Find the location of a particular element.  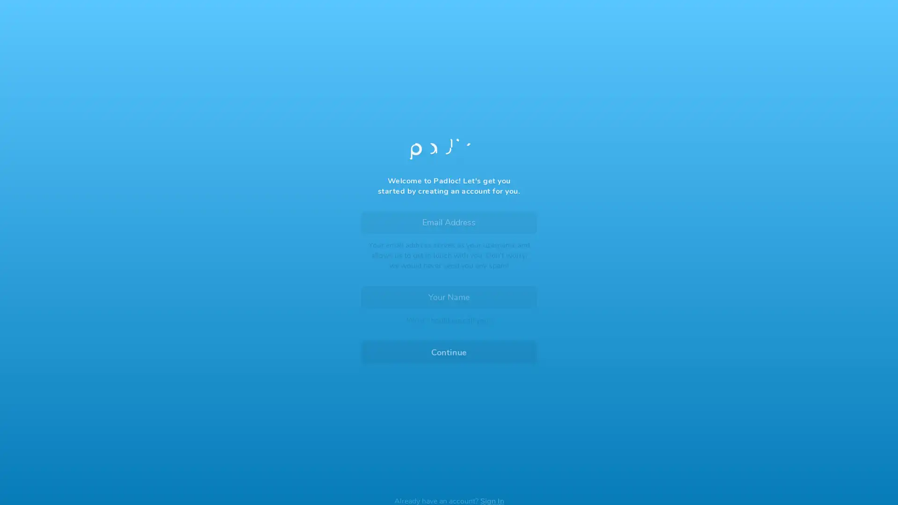

Unlock is located at coordinates (449, 306).